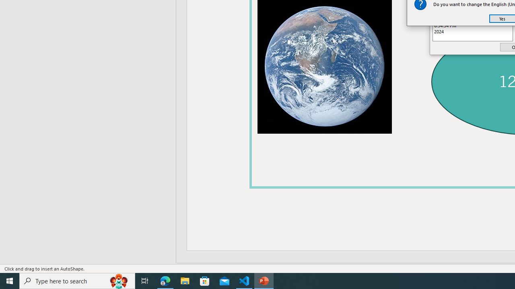 Image resolution: width=515 pixels, height=289 pixels. Describe the element at coordinates (10, 280) in the screenshot. I see `'Start'` at that location.